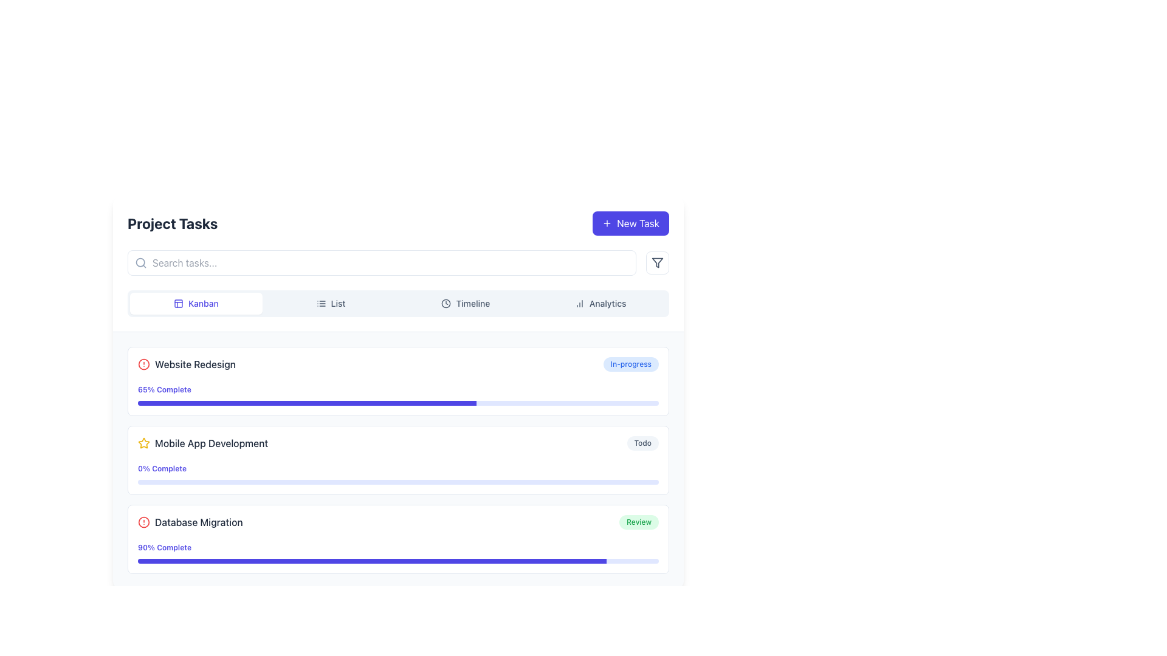 The width and height of the screenshot is (1167, 656). Describe the element at coordinates (631, 364) in the screenshot. I see `the status badge indicating the current status of the 'Website Redesign' task, located on the far right side of the task list item` at that location.